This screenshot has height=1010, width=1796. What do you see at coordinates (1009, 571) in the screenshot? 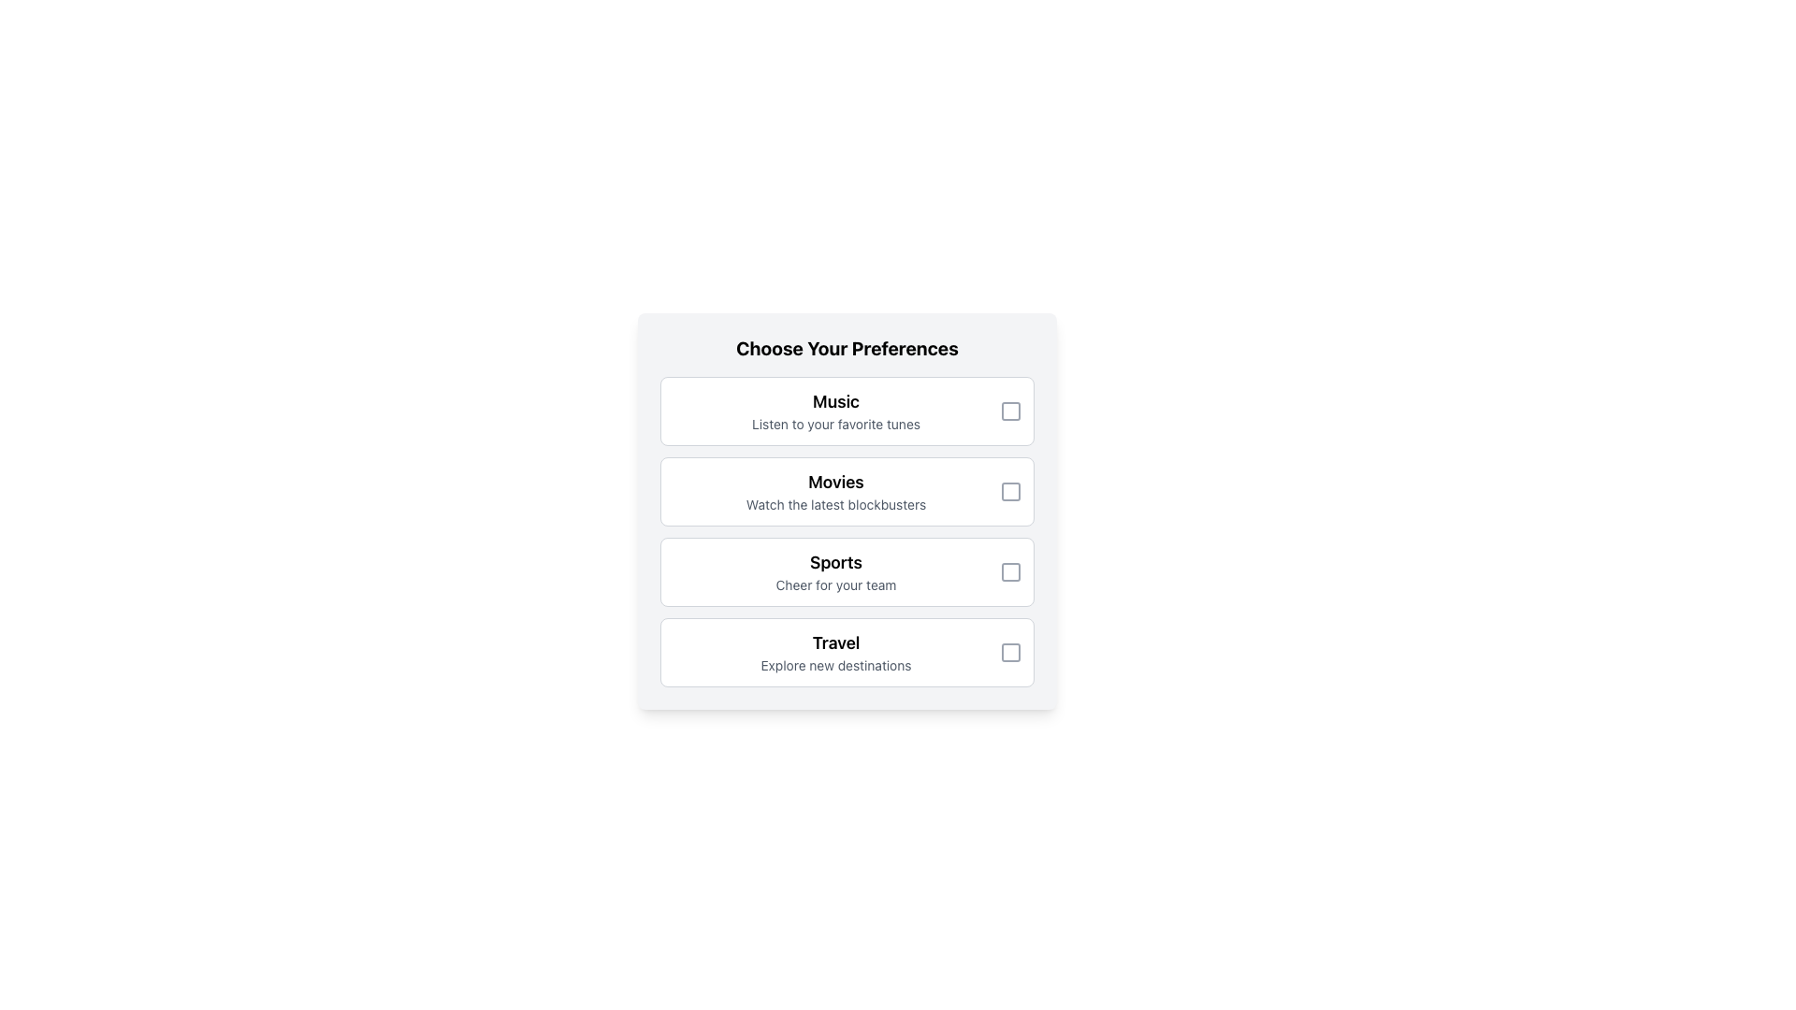
I see `the checkbox located in the 'Sports' section, which is a small, gray square-shaped UI component with rounded corners, positioned to the right of the 'Sports' label` at bounding box center [1009, 571].